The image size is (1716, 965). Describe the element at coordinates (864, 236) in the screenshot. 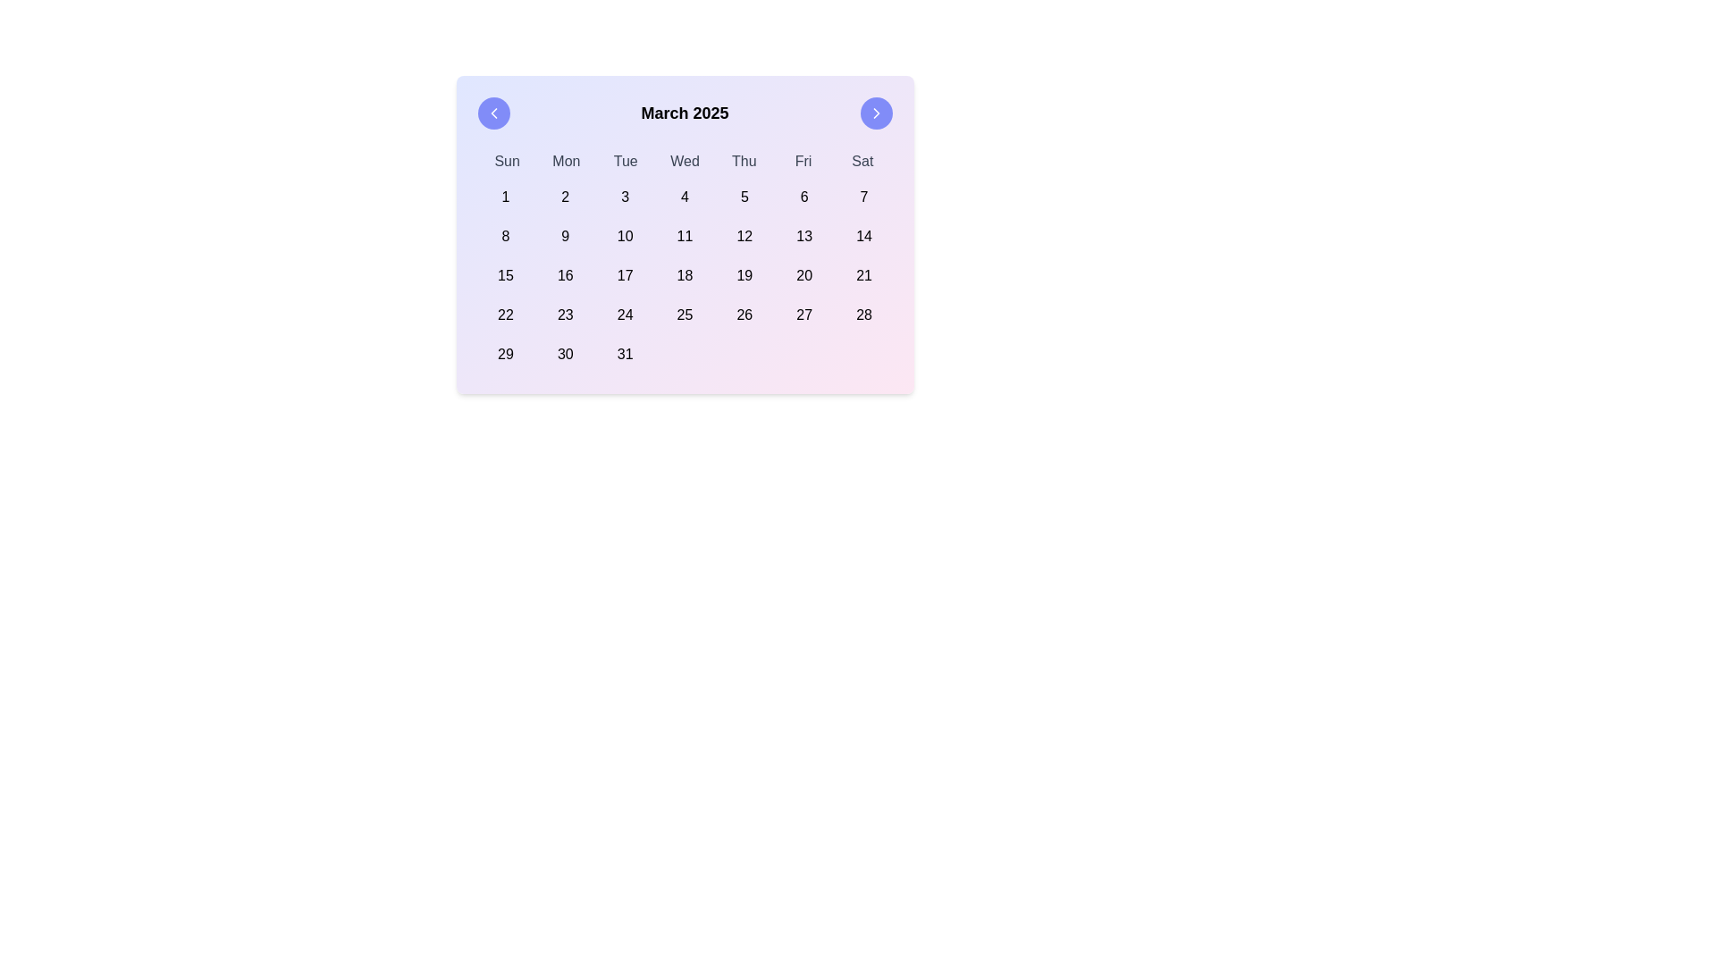

I see `the rounded rectangular button displaying the number '14' in black text, located in the fourth row and seventh column of the calendar interface` at that location.